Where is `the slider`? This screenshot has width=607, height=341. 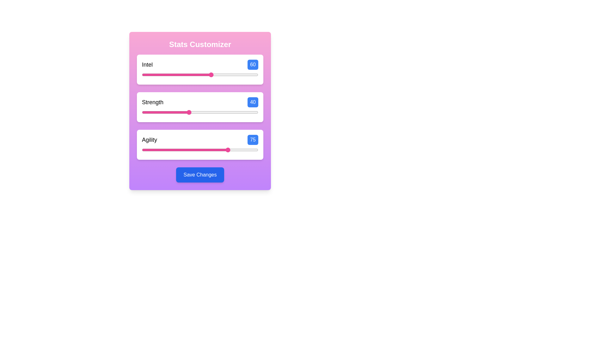 the slider is located at coordinates (242, 74).